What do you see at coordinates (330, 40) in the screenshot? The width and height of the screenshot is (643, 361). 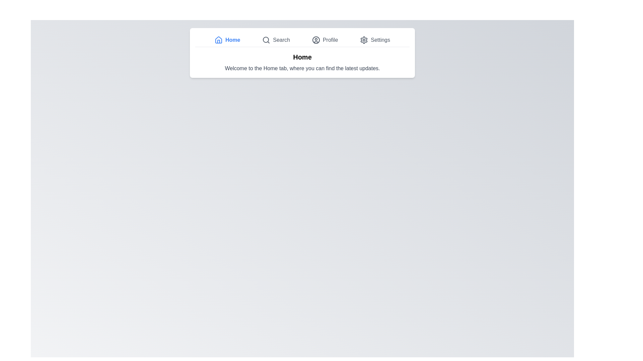 I see `the 'Profile' text label located within the navigation bar at the top of the page` at bounding box center [330, 40].